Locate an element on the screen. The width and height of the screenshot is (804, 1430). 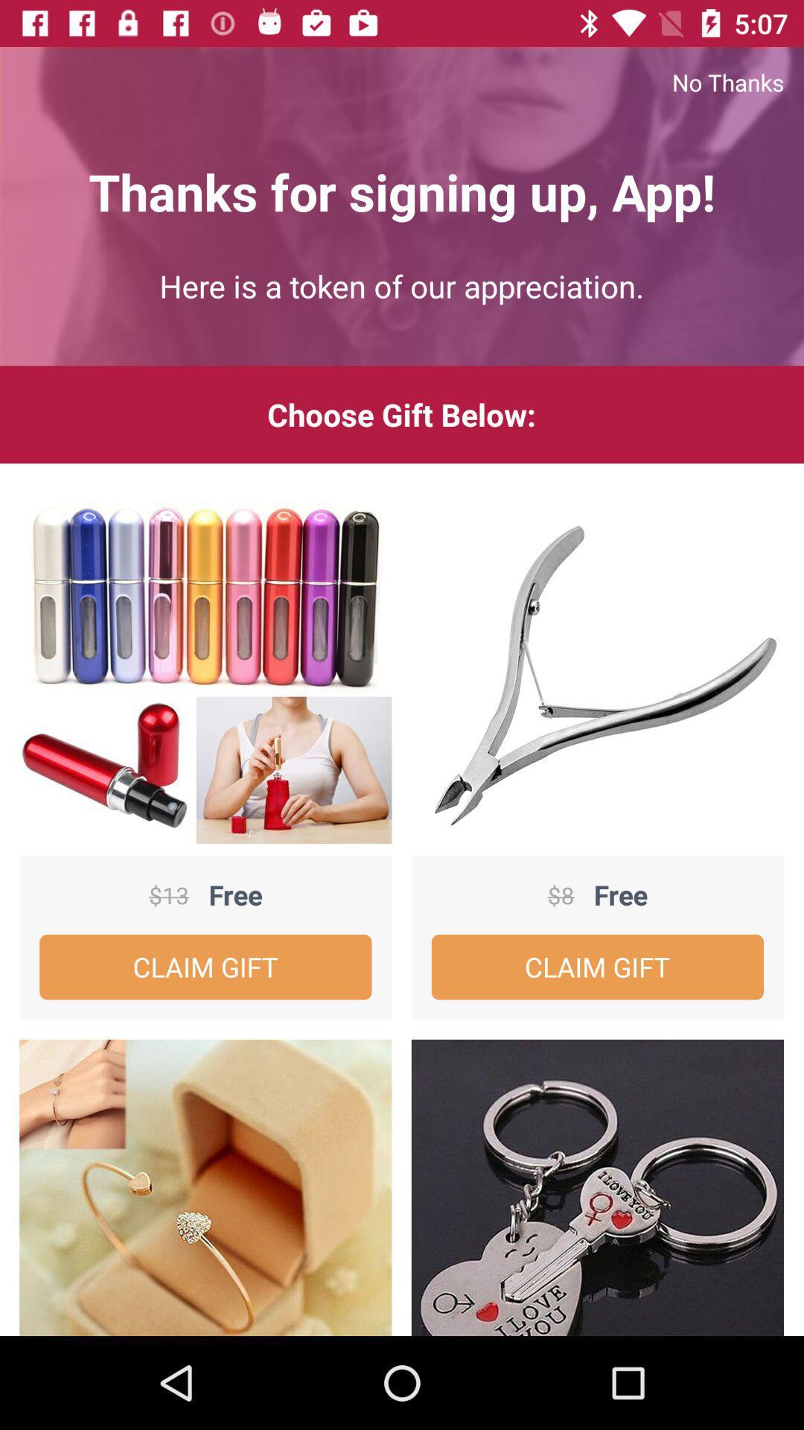
icon above the thanks for signing is located at coordinates (402, 81).